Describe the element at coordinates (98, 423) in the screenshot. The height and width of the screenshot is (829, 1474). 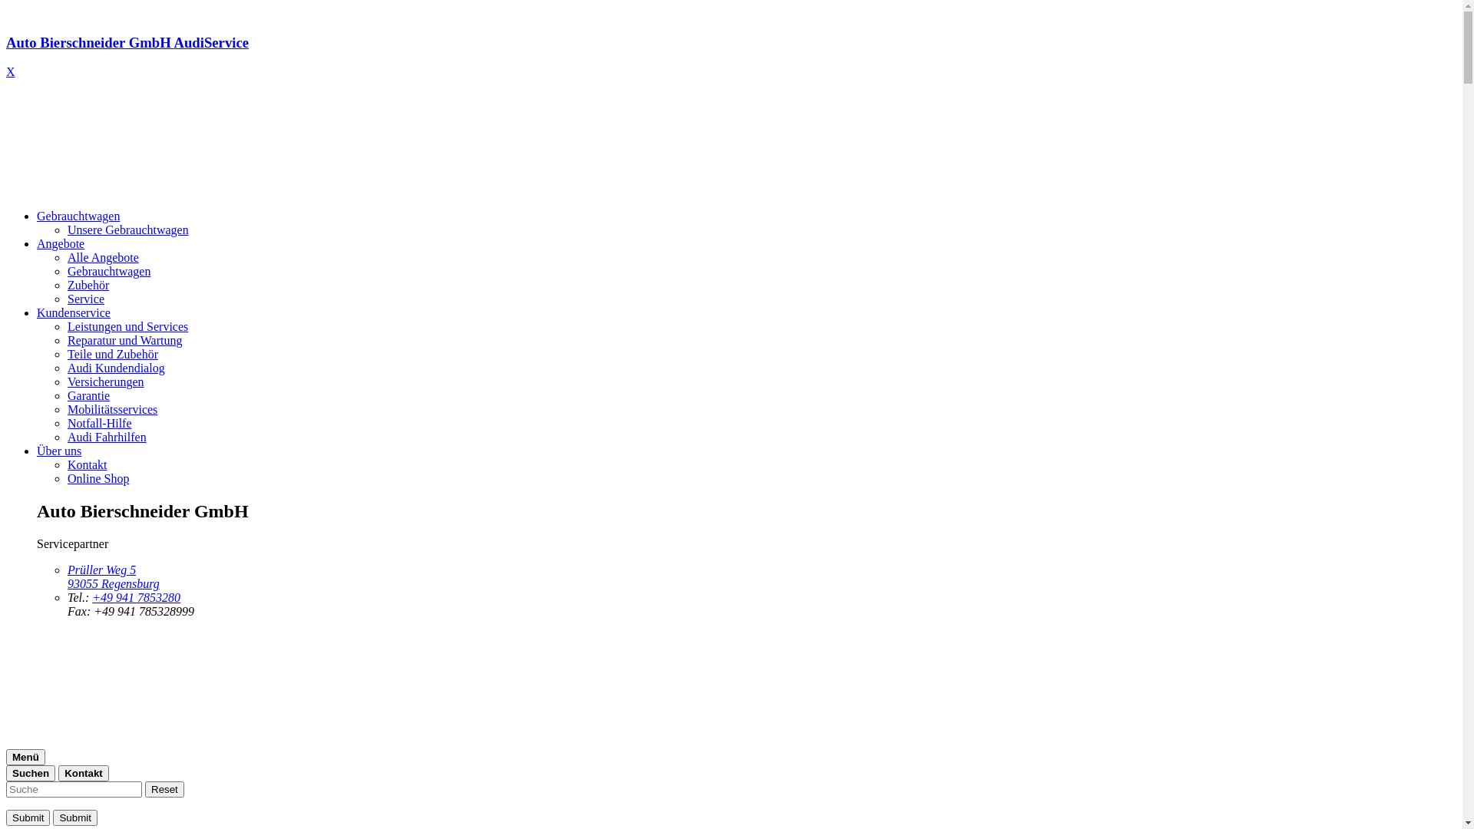
I see `'Notfall-Hilfe'` at that location.